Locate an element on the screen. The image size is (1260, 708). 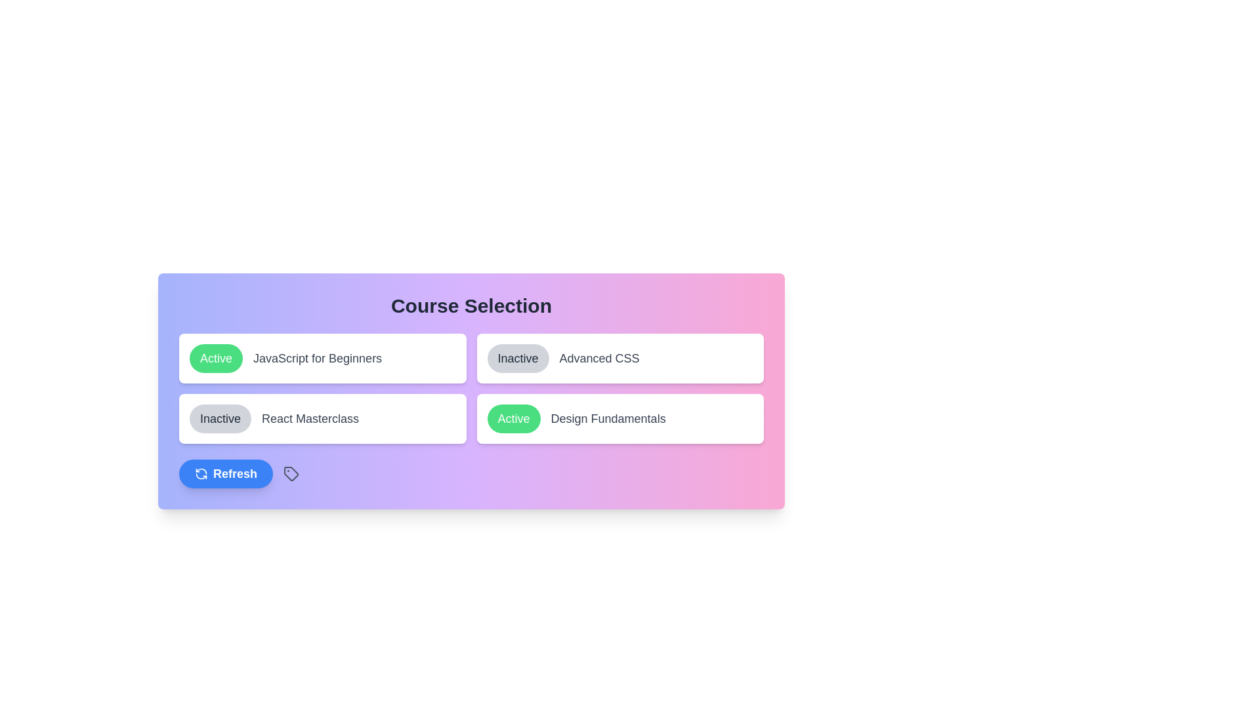
the text label that describes the course titled 'React Masterclass', which is positioned in the second list item of the course selection grid, aligned with the 'Inactive' button is located at coordinates (310, 419).